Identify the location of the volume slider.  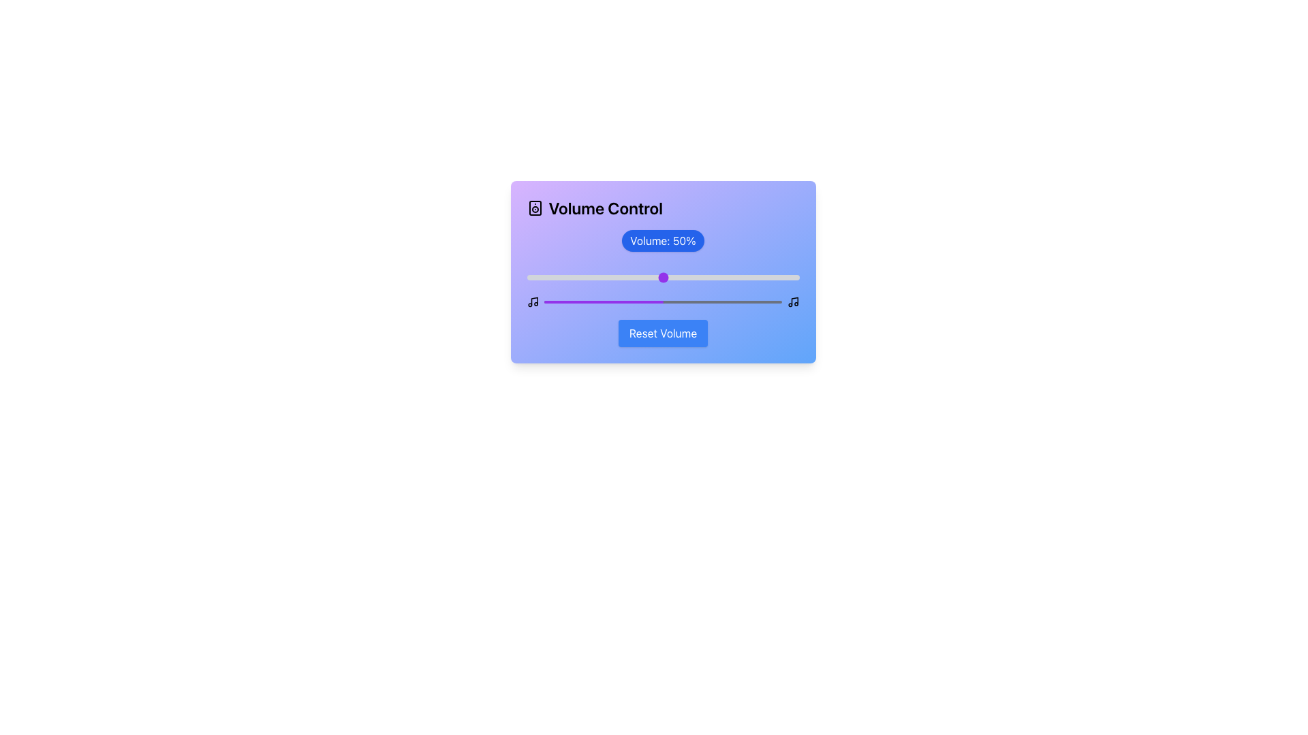
(722, 277).